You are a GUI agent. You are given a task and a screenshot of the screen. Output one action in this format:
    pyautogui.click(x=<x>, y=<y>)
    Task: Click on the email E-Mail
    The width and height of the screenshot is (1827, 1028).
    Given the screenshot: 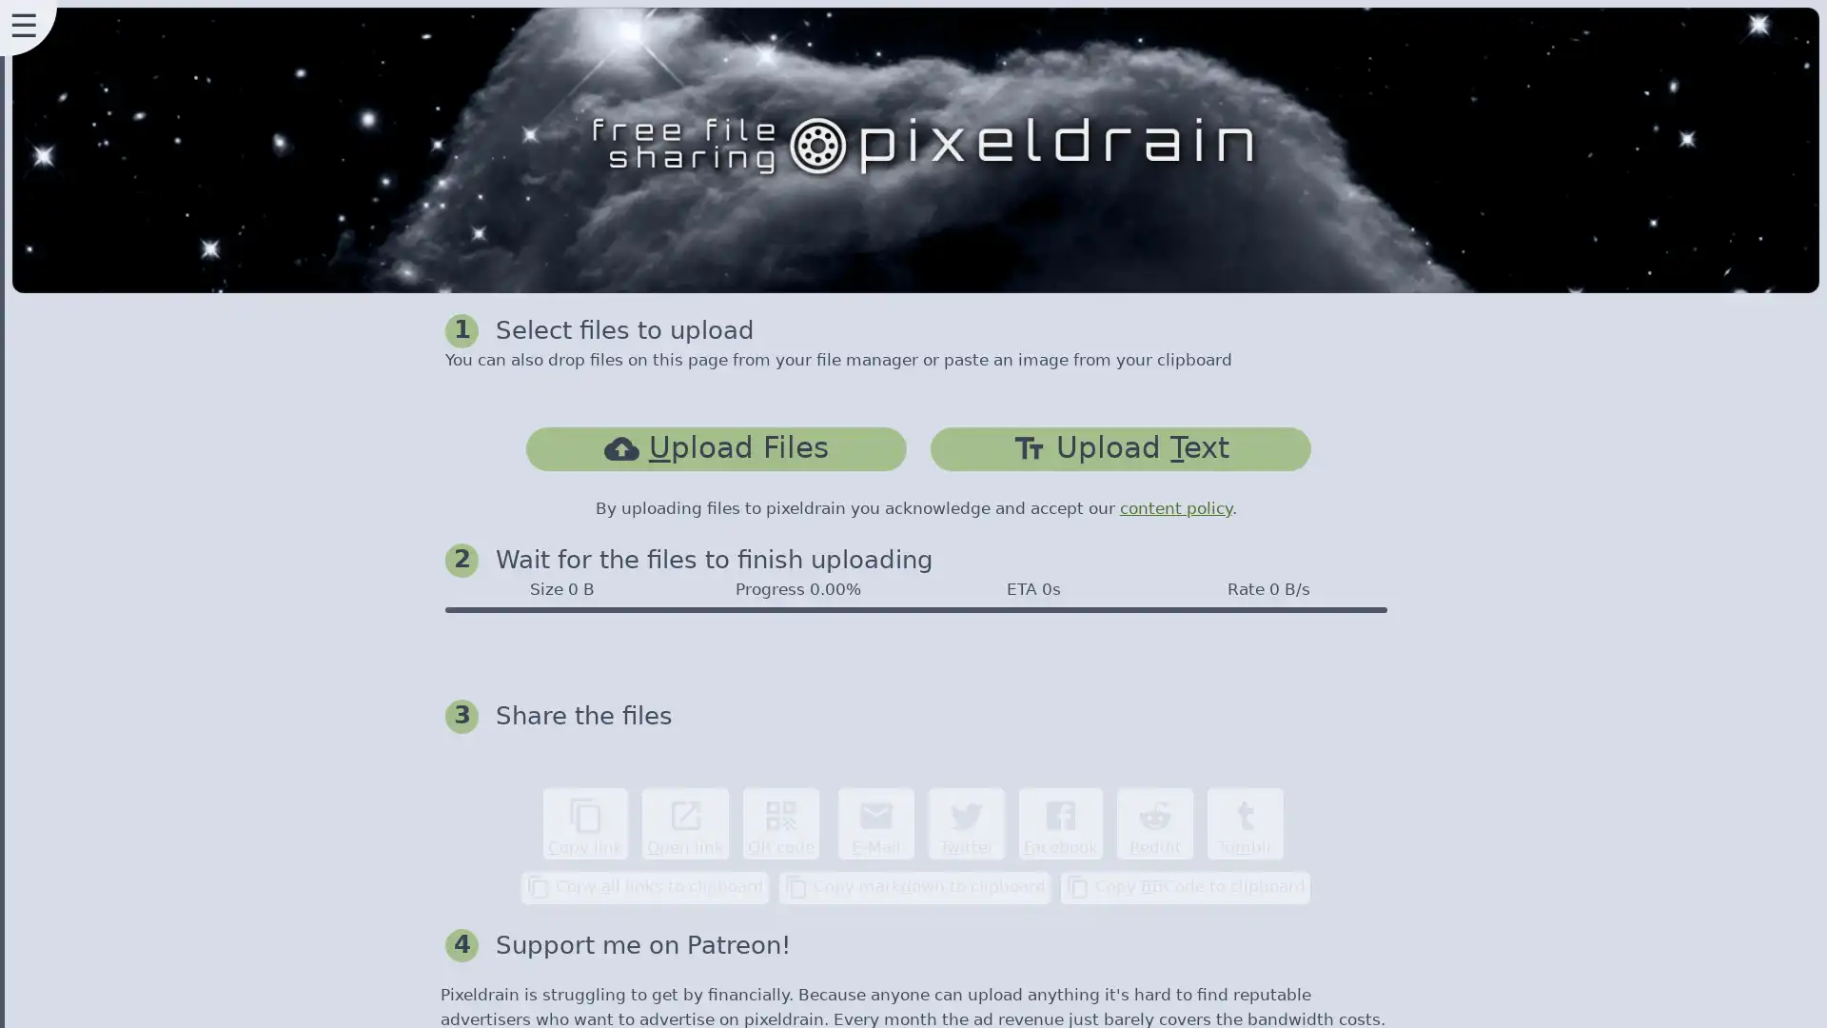 What is the action you would take?
    pyautogui.click(x=1010, y=822)
    